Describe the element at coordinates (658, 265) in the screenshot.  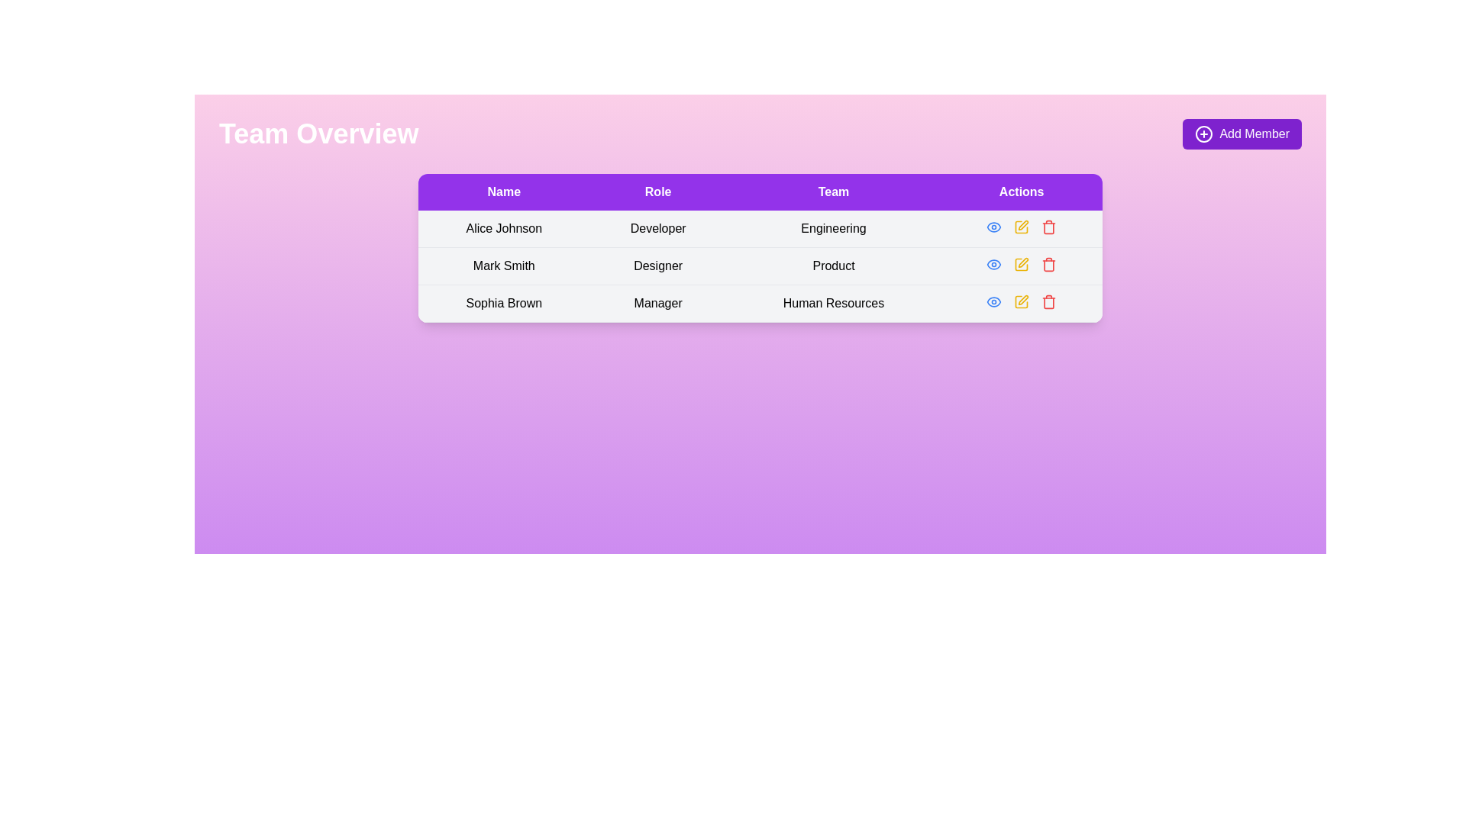
I see `the 'Designer' text label, which is the second entry under the 'Role' column in the table adjacent to 'Mark Smith' in the 'Name' column` at that location.